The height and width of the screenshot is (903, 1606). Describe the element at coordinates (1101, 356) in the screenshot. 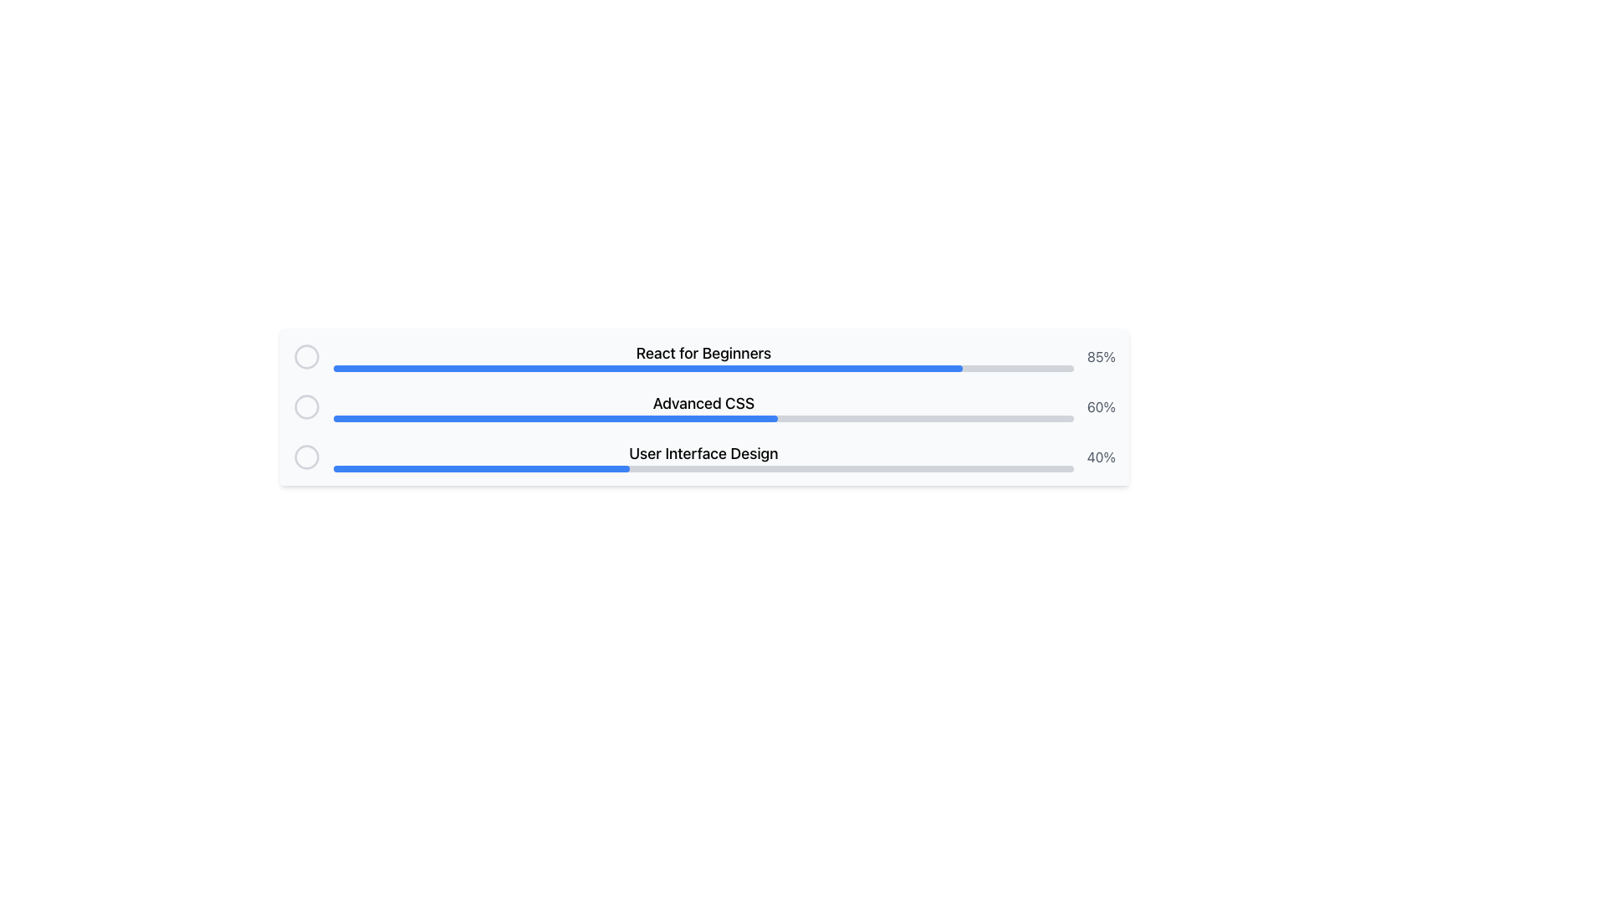

I see `the text label displaying '85%' that is styled in gray color, positioned to the far right of the progress bar for 'React for Beginners'` at that location.